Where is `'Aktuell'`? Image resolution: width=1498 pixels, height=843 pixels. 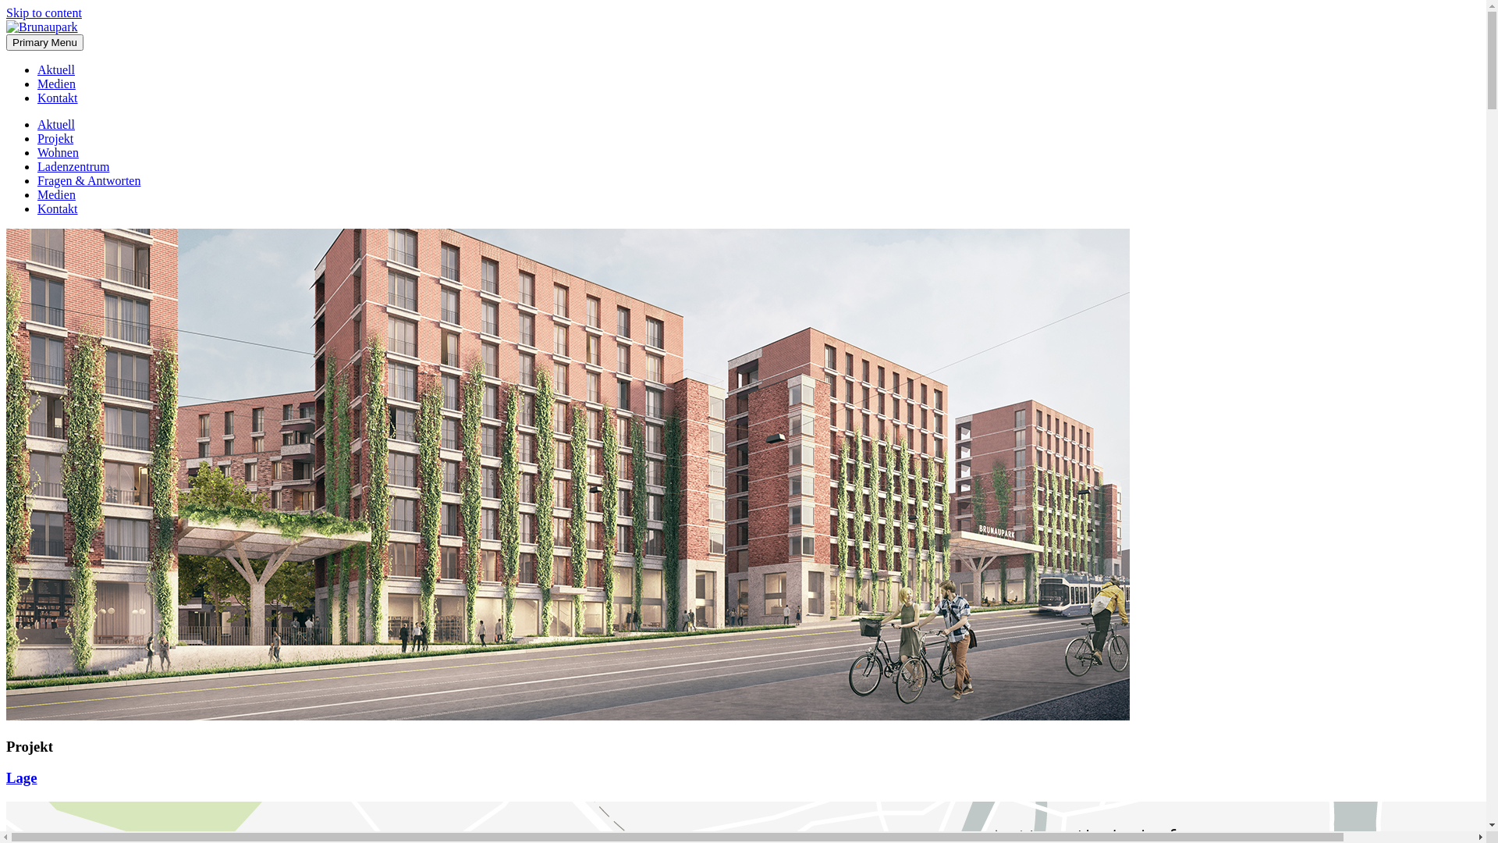 'Aktuell' is located at coordinates (37, 69).